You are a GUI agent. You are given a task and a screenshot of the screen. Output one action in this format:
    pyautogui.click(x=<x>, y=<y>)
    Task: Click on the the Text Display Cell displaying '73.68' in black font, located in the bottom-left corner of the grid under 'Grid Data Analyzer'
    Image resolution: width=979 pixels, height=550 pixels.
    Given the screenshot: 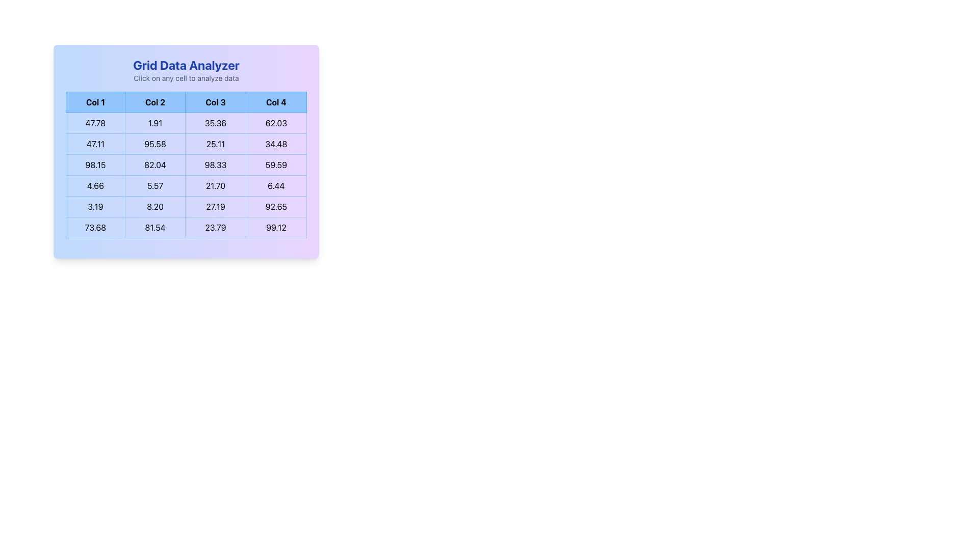 What is the action you would take?
    pyautogui.click(x=95, y=227)
    